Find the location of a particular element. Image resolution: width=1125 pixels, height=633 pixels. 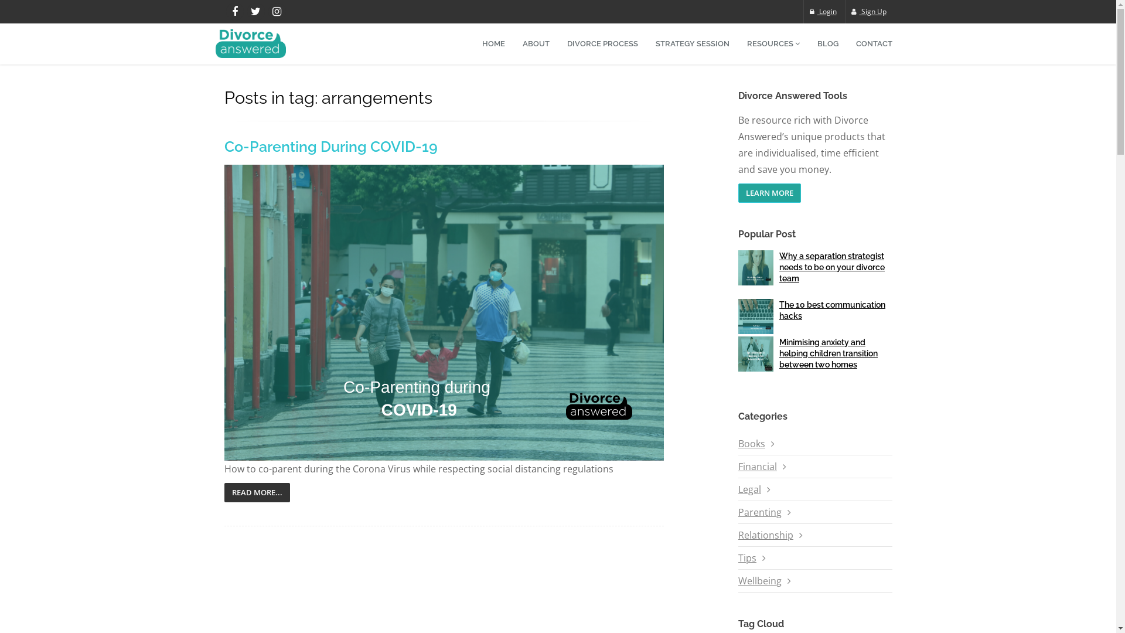

'HOME' is located at coordinates (493, 43).